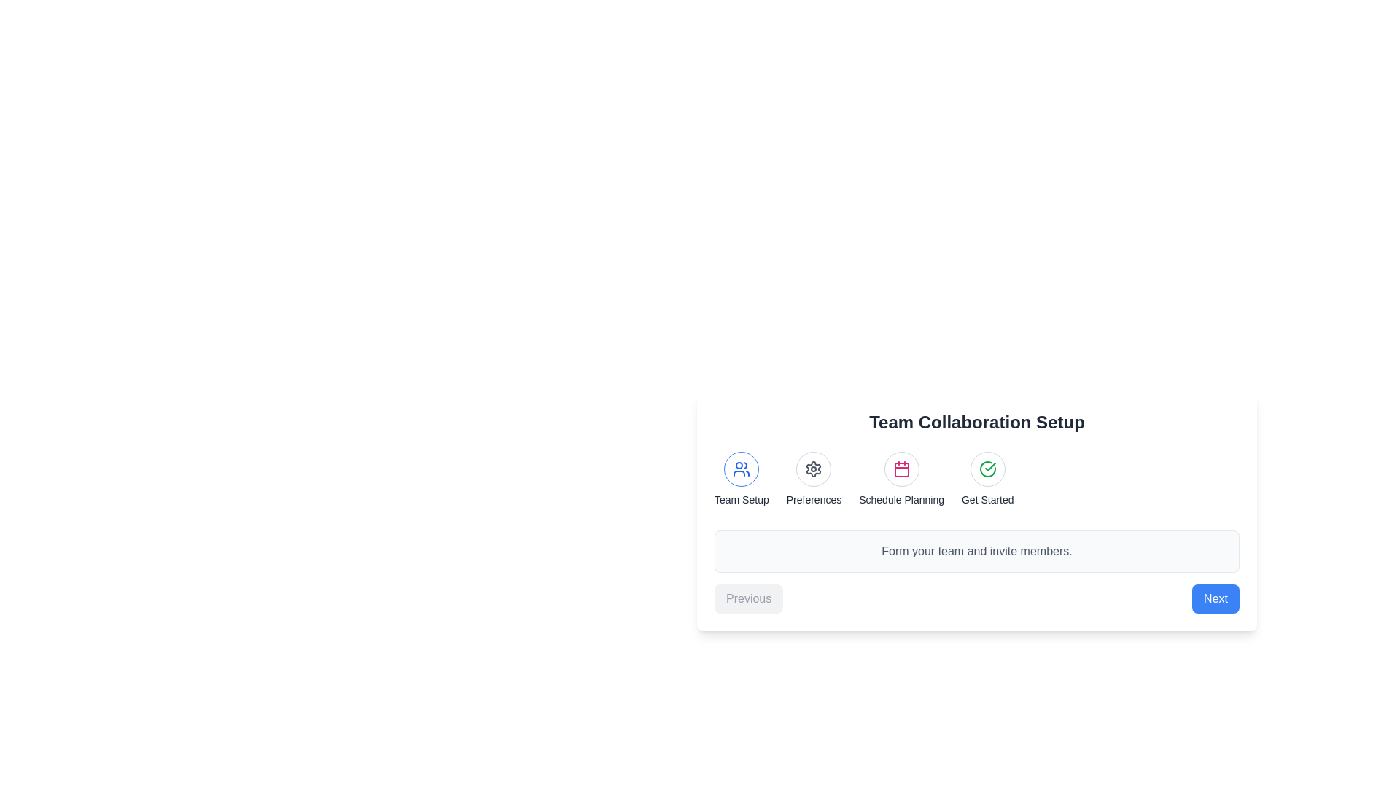 This screenshot has width=1400, height=787. I want to click on static text label displaying 'Schedule Planning' located below the calendar icon in the 'Team Collaboration Setup' interface, so click(901, 499).